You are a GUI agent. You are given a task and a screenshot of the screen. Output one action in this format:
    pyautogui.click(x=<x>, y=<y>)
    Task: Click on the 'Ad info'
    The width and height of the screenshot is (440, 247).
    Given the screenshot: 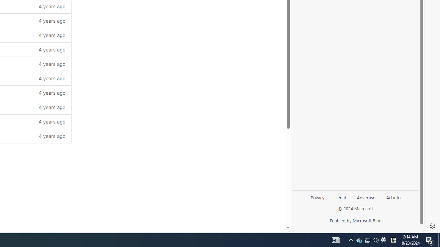 What is the action you would take?
    pyautogui.click(x=393, y=197)
    